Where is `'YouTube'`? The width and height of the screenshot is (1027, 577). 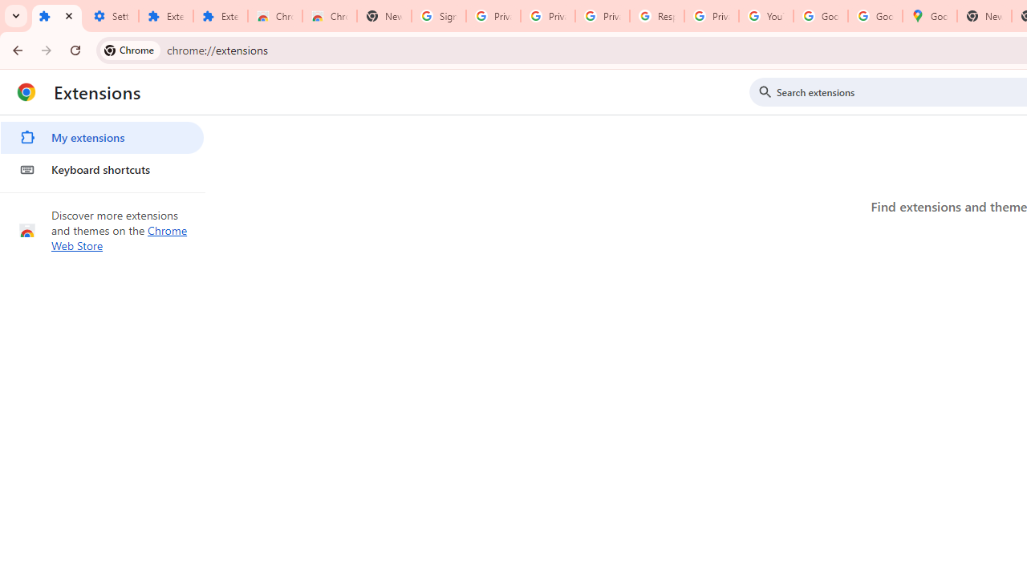
'YouTube' is located at coordinates (765, 16).